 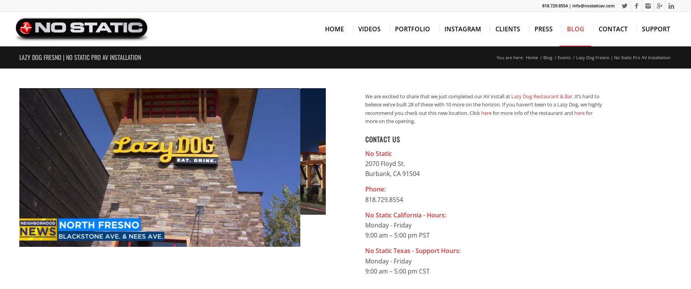 What do you see at coordinates (594, 5) in the screenshot?
I see `'info@nostaticav.com'` at bounding box center [594, 5].